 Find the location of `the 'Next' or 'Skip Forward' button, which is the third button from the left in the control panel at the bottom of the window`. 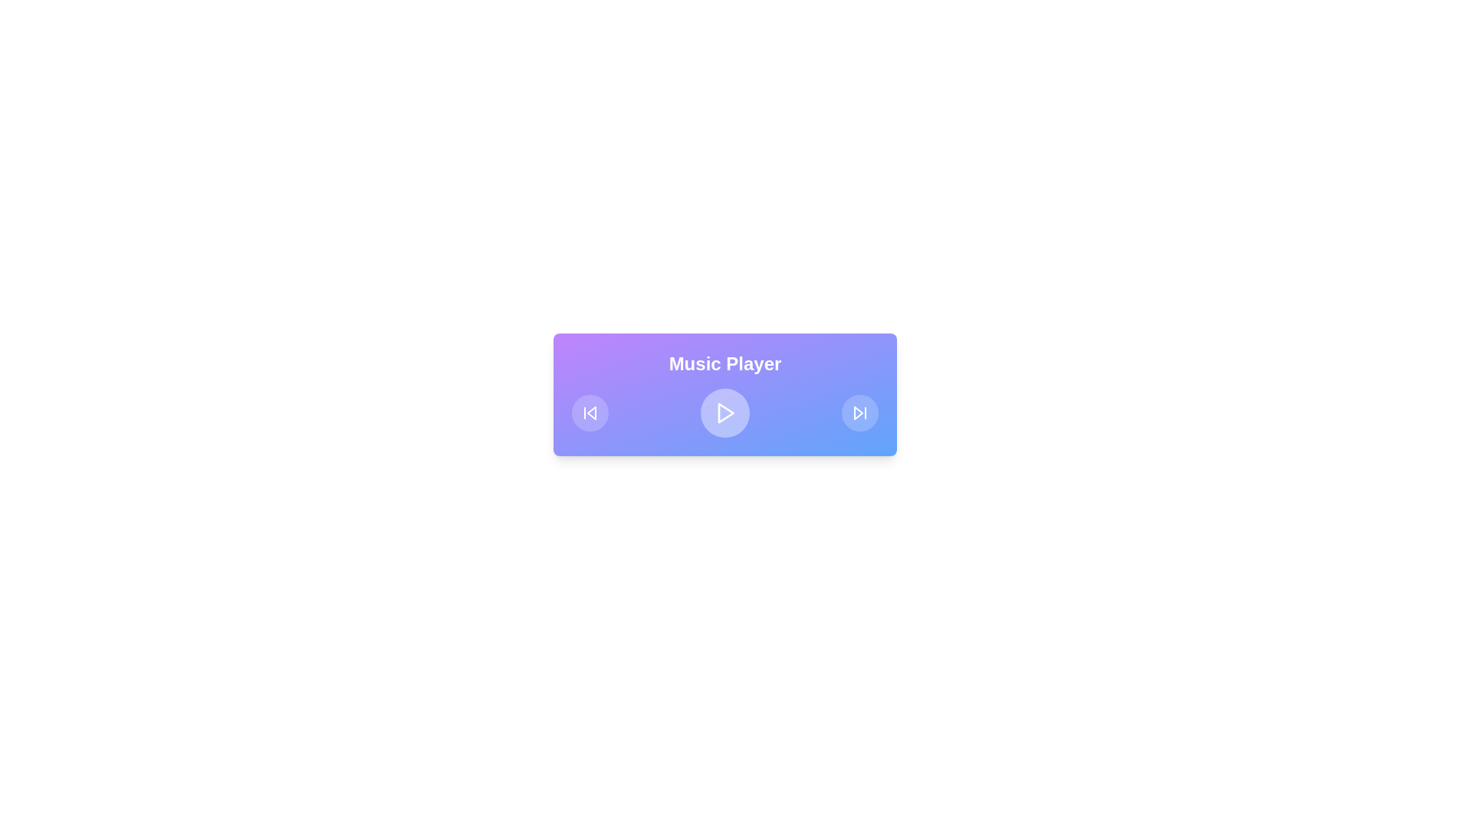

the 'Next' or 'Skip Forward' button, which is the third button from the left in the control panel at the bottom of the window is located at coordinates (860, 412).